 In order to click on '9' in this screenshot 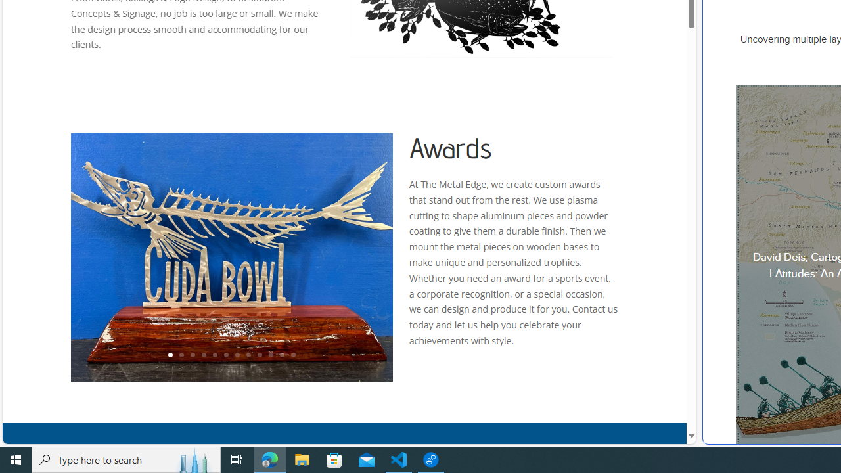, I will do `click(259, 355)`.